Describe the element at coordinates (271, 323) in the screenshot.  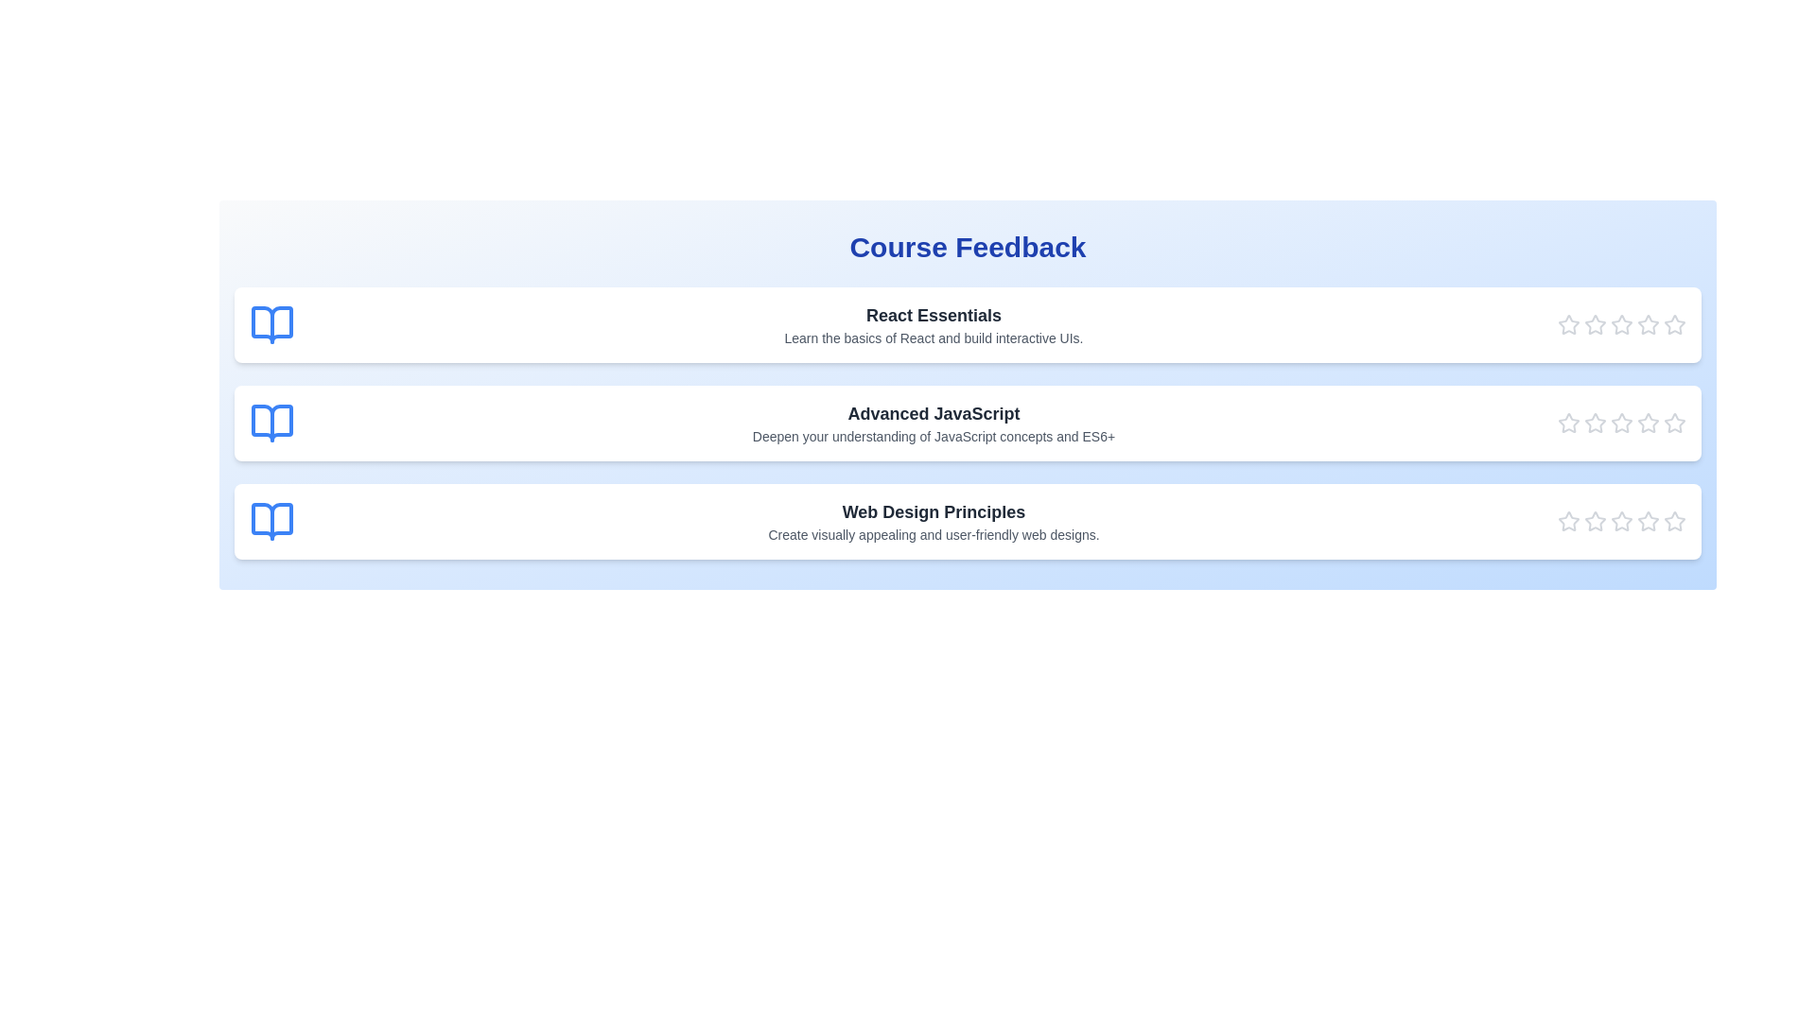
I see `the book icon next to the course title to view its design` at that location.